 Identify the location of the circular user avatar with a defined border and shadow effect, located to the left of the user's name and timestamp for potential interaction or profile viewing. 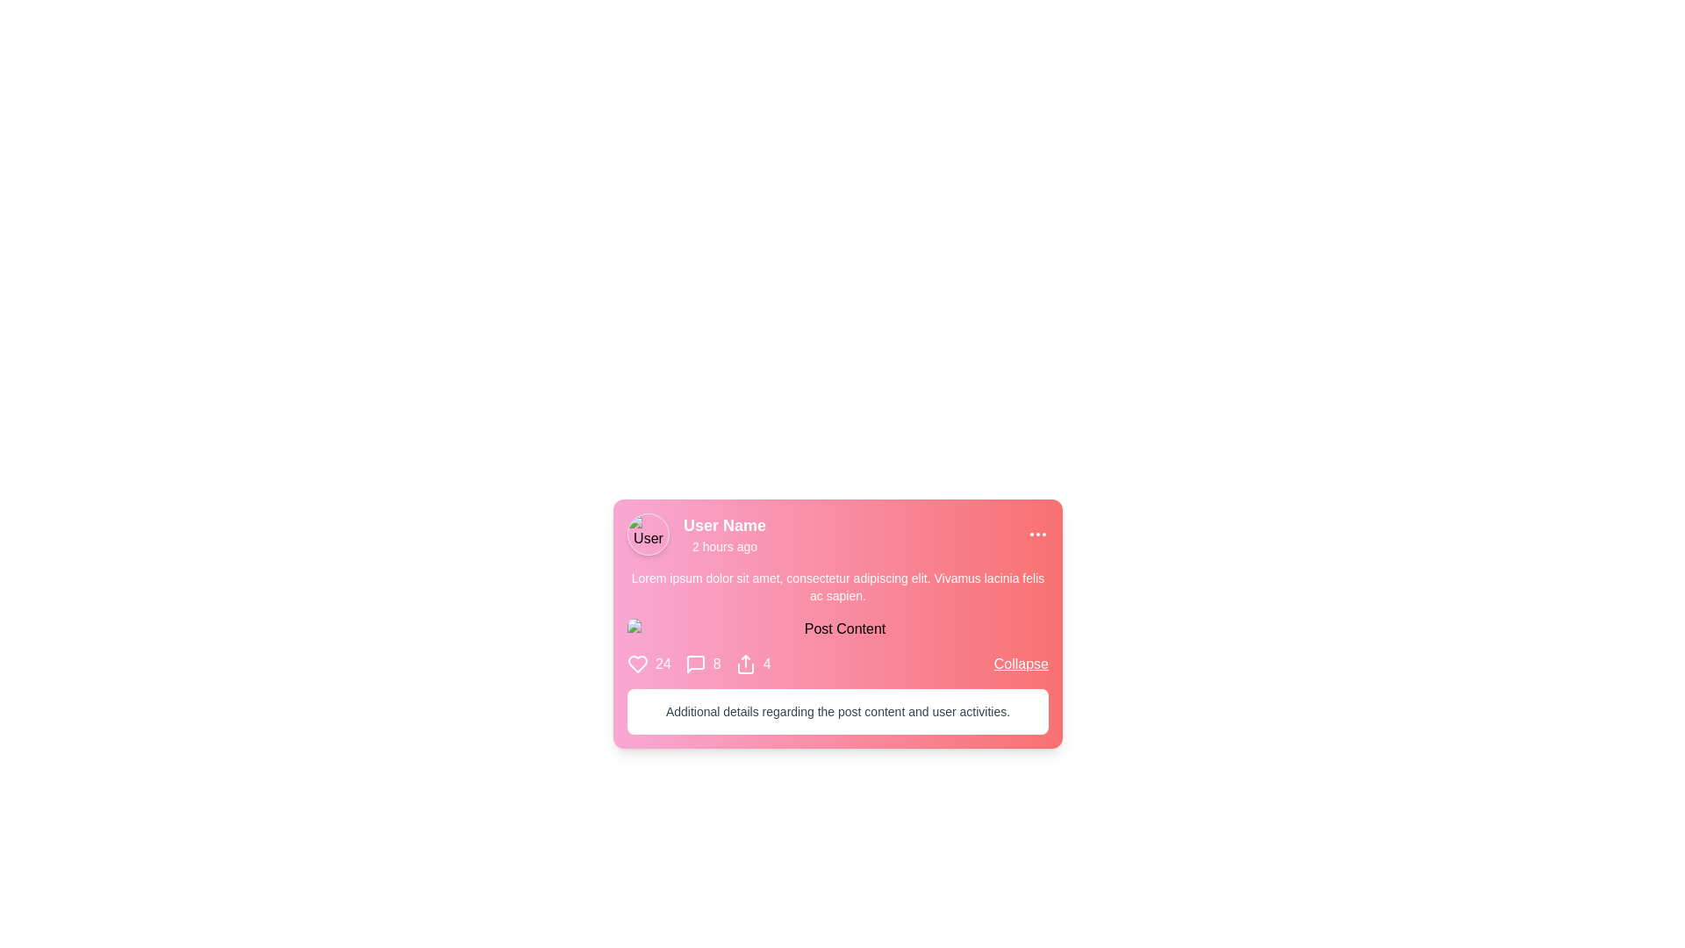
(648, 534).